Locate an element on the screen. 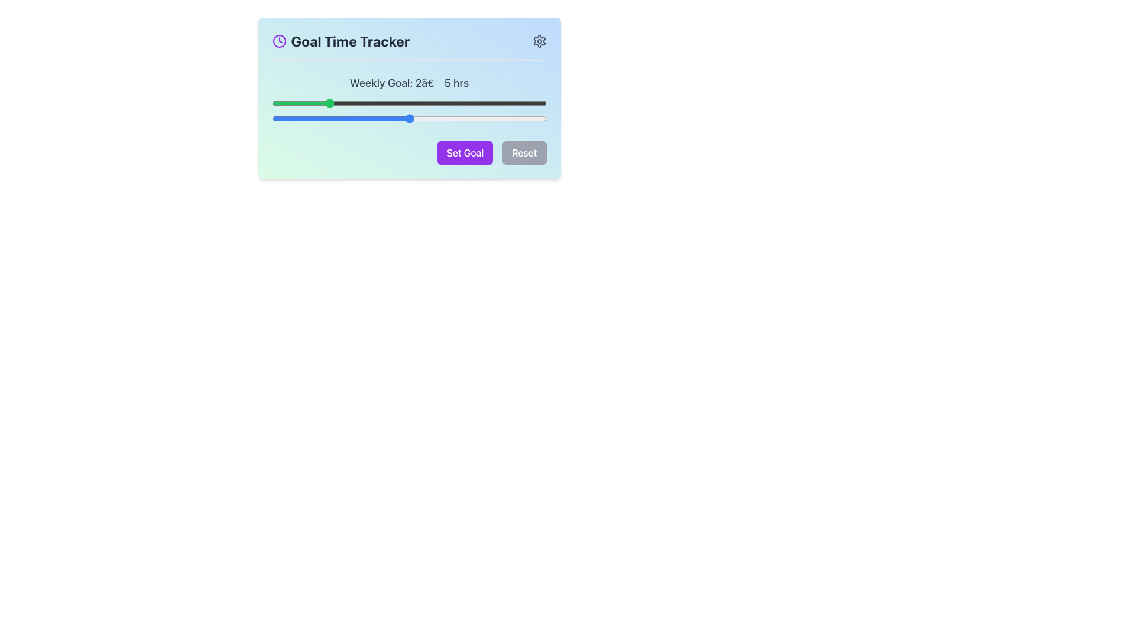 The height and width of the screenshot is (638, 1135). the time slider is located at coordinates (299, 102).